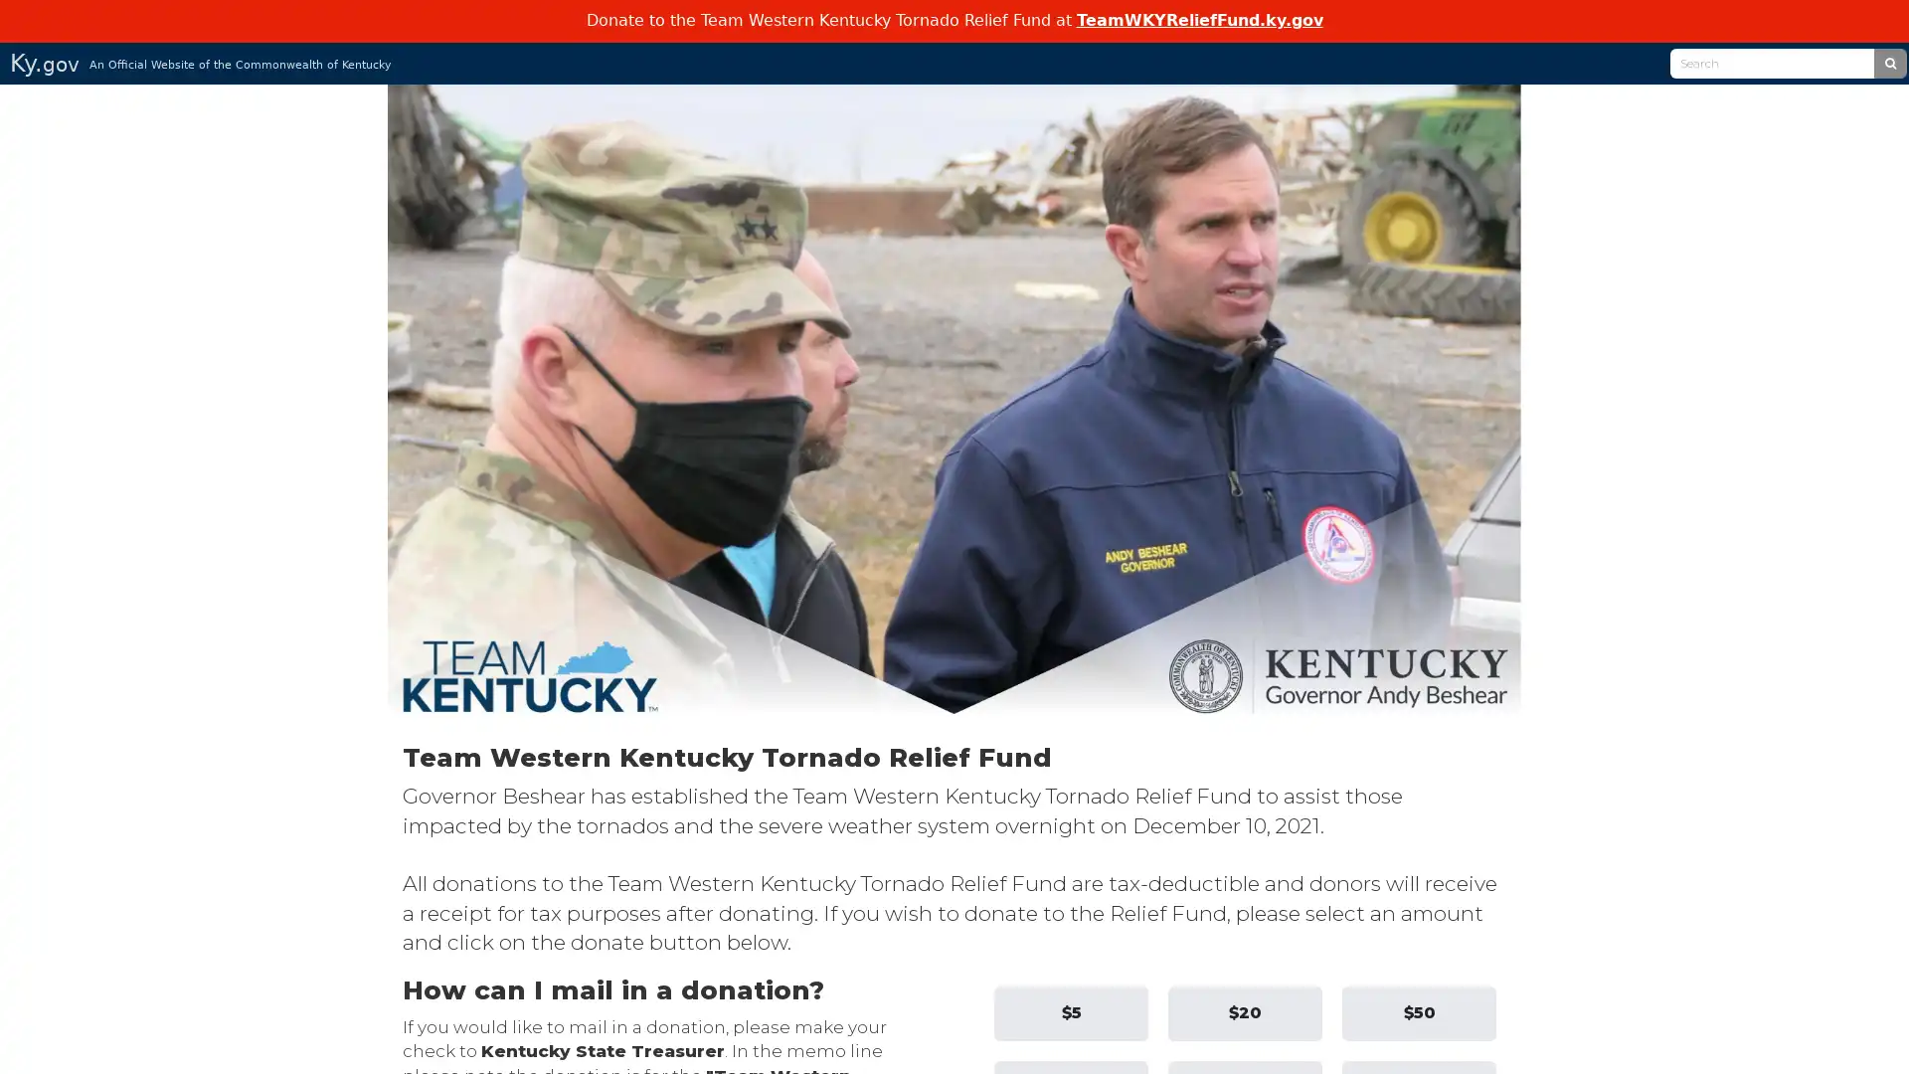 The image size is (1909, 1074). I want to click on SEARCH, so click(1888, 61).